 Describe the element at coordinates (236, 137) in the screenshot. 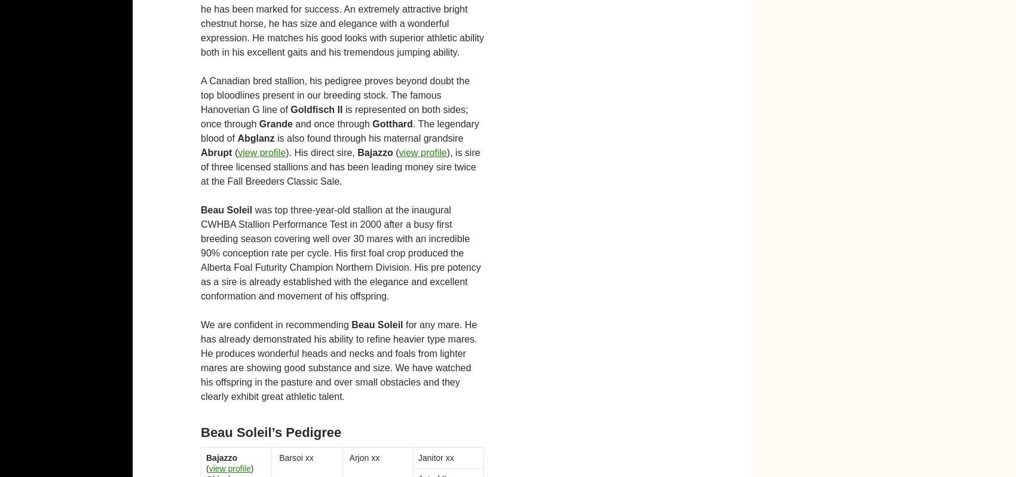

I see `'Abglanz'` at that location.